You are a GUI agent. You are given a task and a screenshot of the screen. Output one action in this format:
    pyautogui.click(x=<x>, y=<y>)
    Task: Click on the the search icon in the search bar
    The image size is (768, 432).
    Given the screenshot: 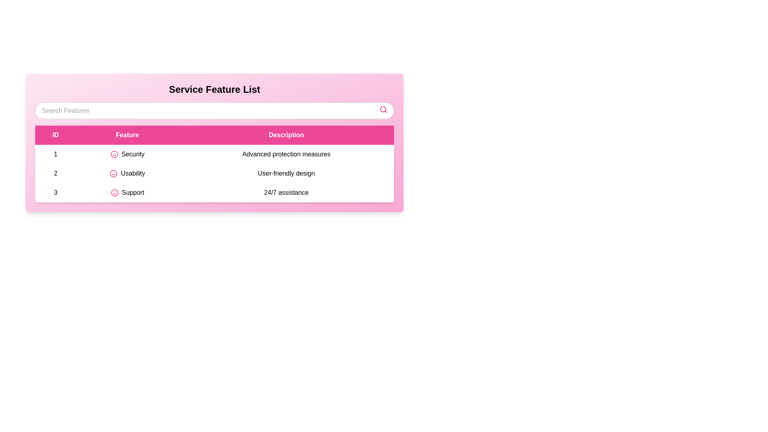 What is the action you would take?
    pyautogui.click(x=383, y=109)
    